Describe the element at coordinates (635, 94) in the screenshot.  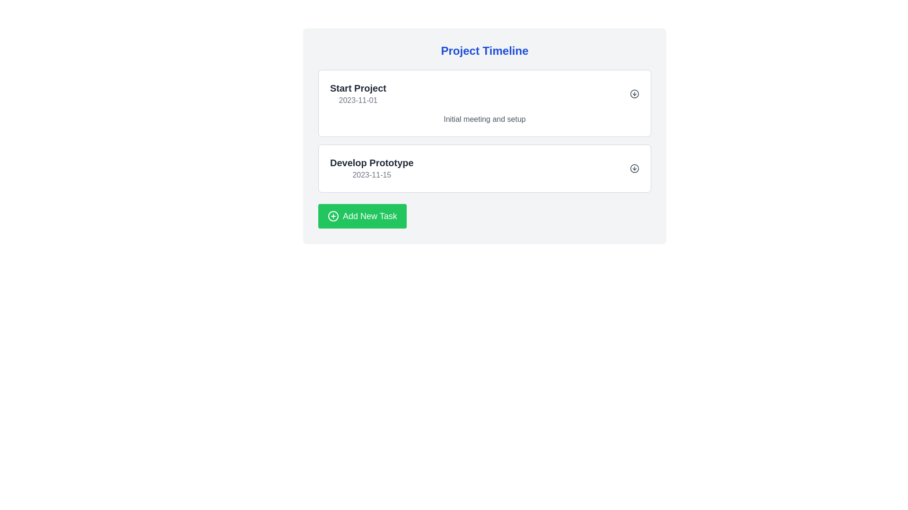
I see `the circular download icon located at the top-right corner of the 'Start Project' section next to 'Start Project 2023-11-01'` at that location.